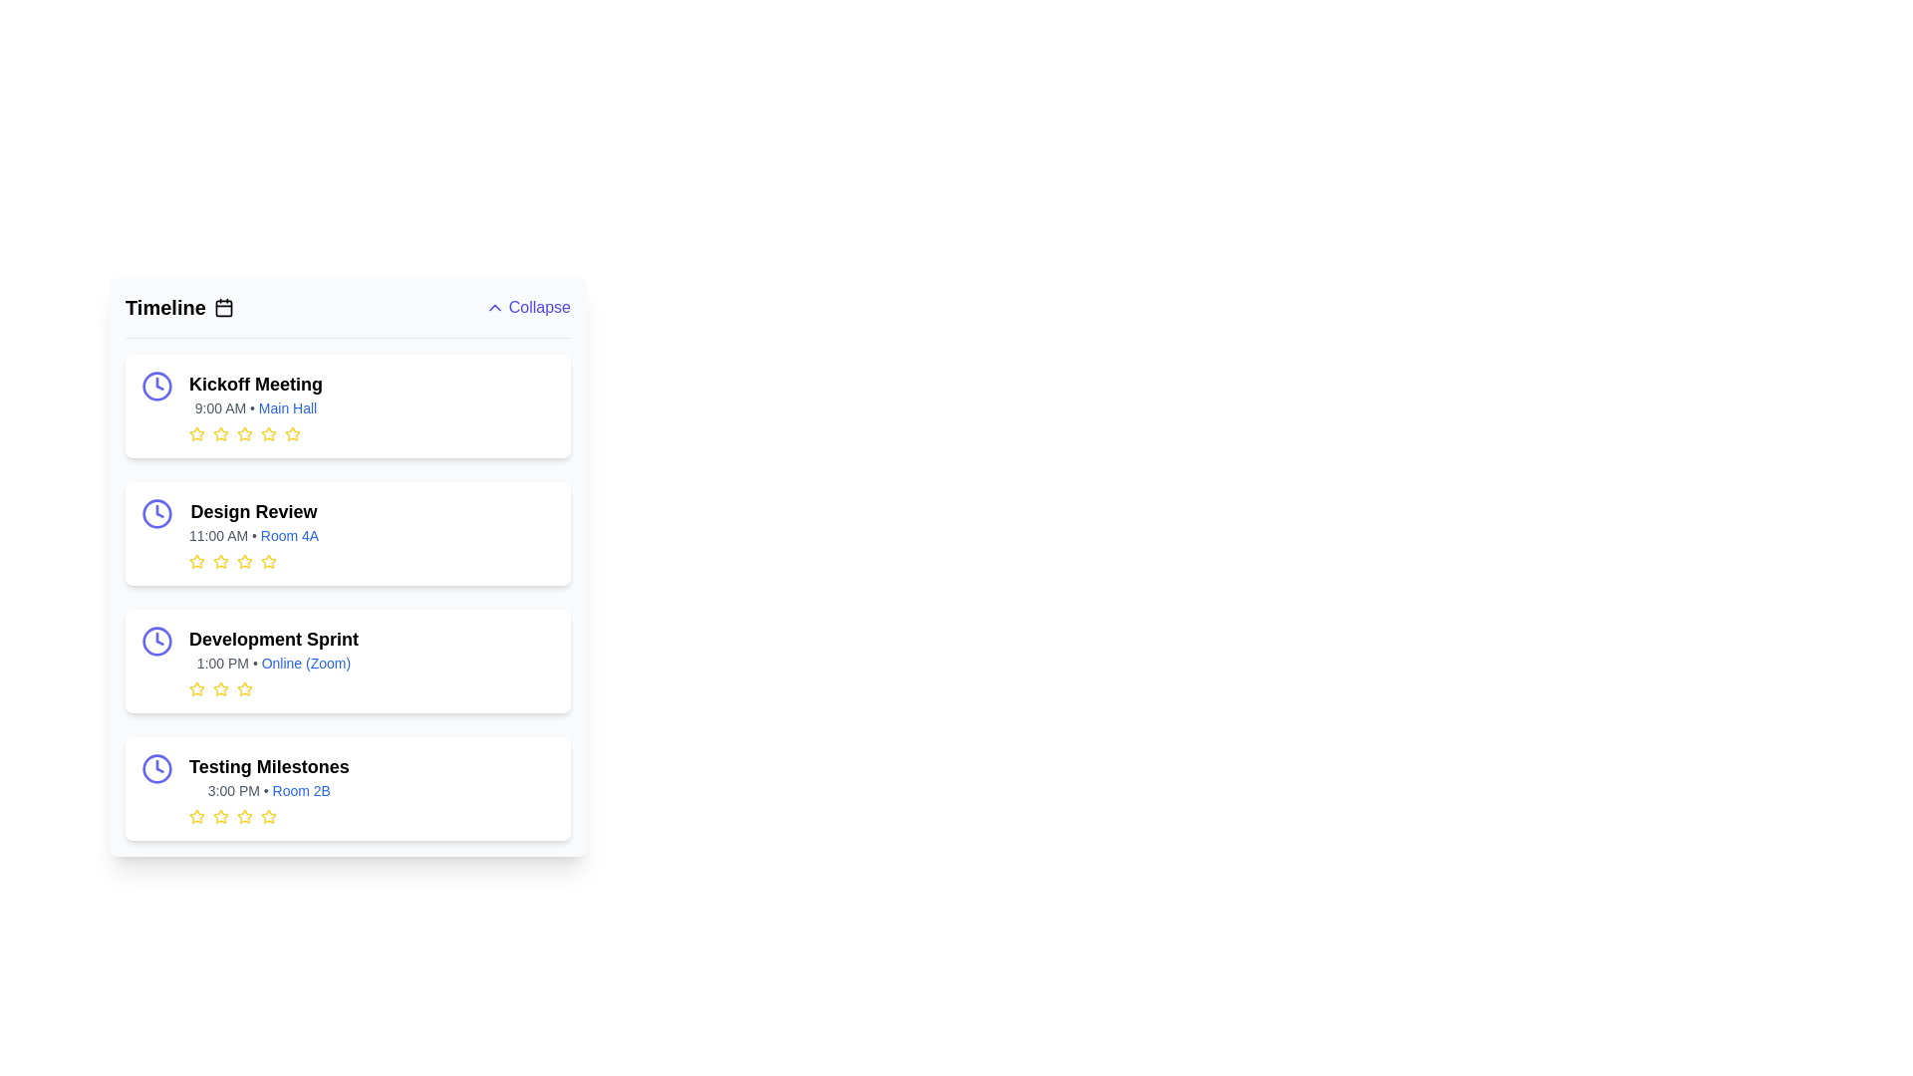 Image resolution: width=1913 pixels, height=1076 pixels. Describe the element at coordinates (196, 432) in the screenshot. I see `the fourth star icon in the feedback rating system for the 'Kickoff Meeting' event to initiate interaction` at that location.